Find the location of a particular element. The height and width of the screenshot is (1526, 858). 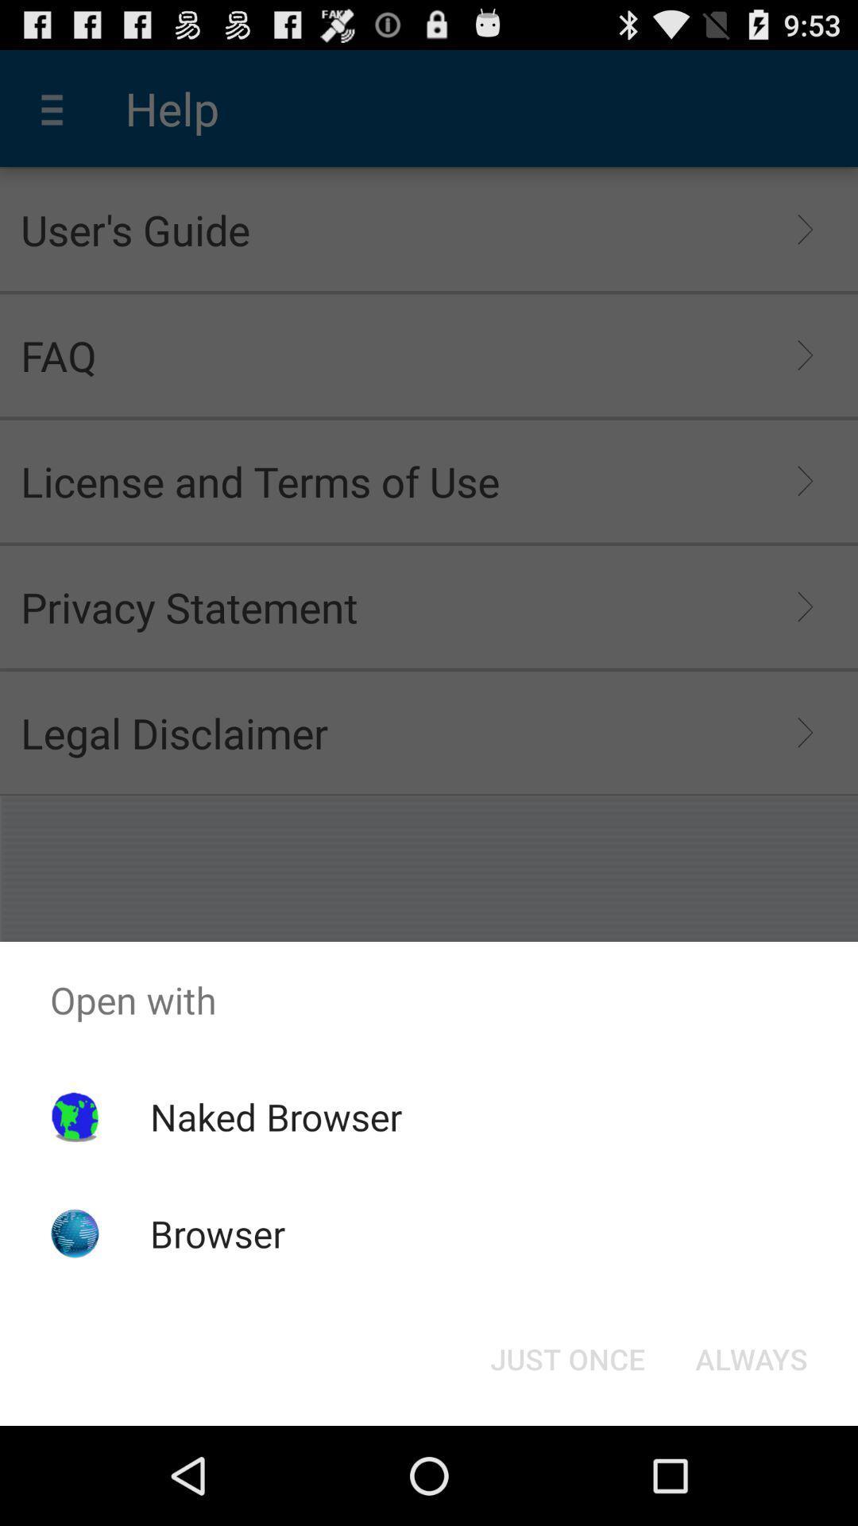

item next to just once item is located at coordinates (751, 1358).